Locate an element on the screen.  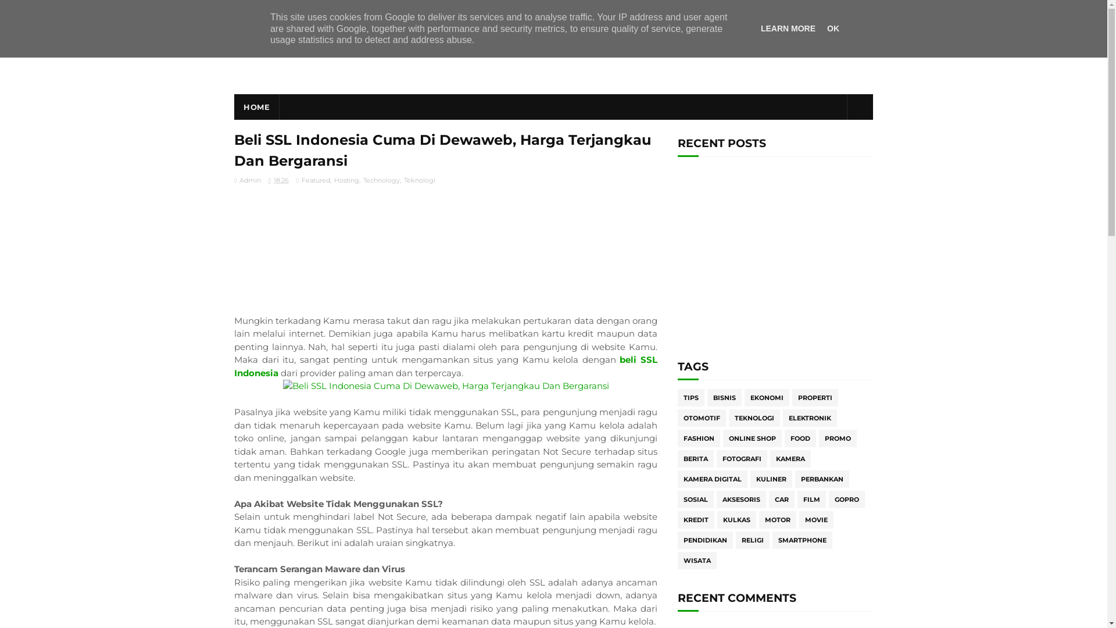
'PERBANKAN' is located at coordinates (795, 479).